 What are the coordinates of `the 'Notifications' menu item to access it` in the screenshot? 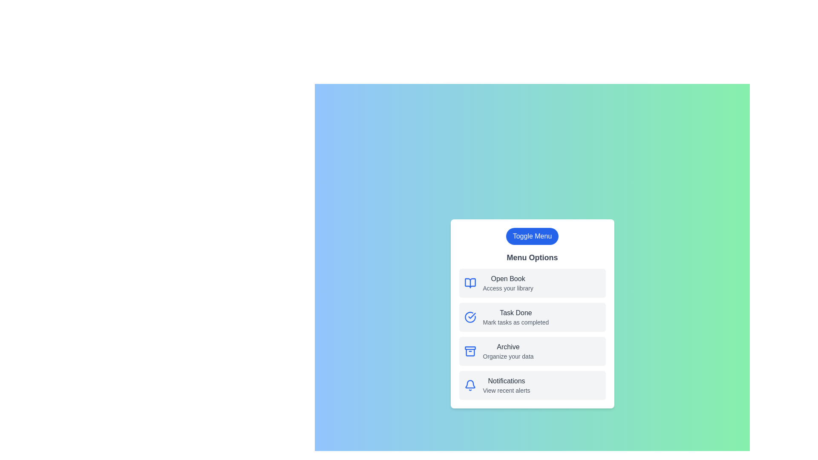 It's located at (532, 385).